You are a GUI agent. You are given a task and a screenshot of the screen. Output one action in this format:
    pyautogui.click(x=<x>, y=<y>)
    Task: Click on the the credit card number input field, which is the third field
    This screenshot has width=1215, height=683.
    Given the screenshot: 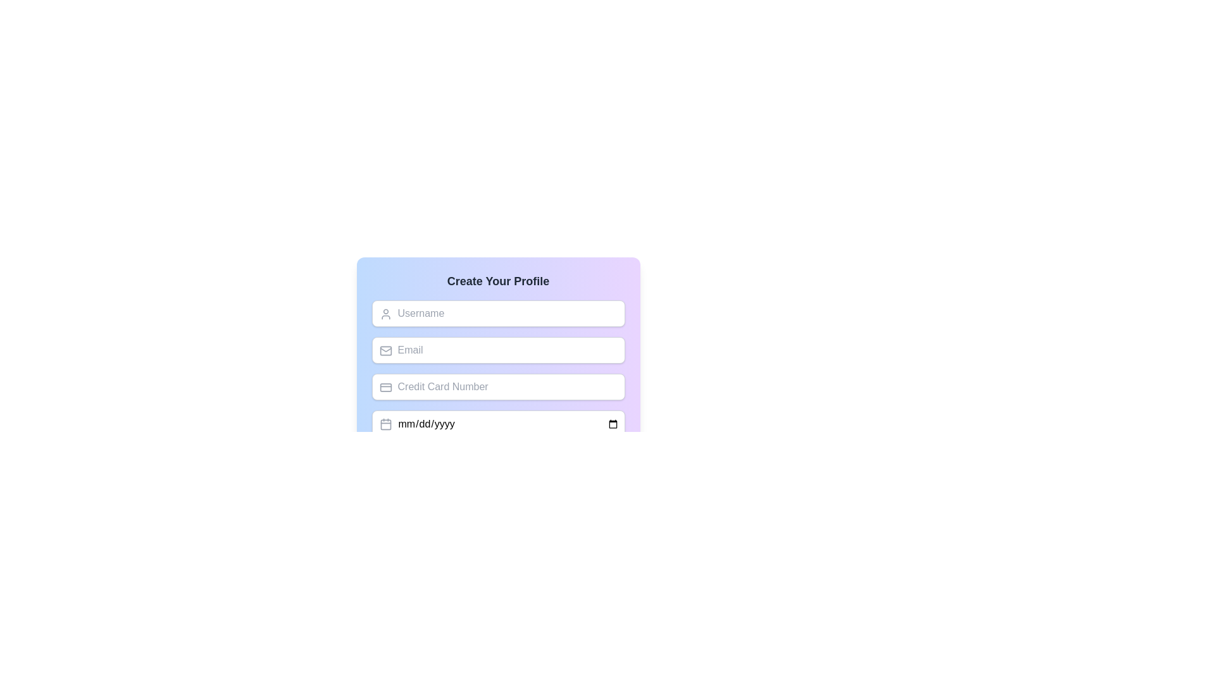 What is the action you would take?
    pyautogui.click(x=497, y=386)
    